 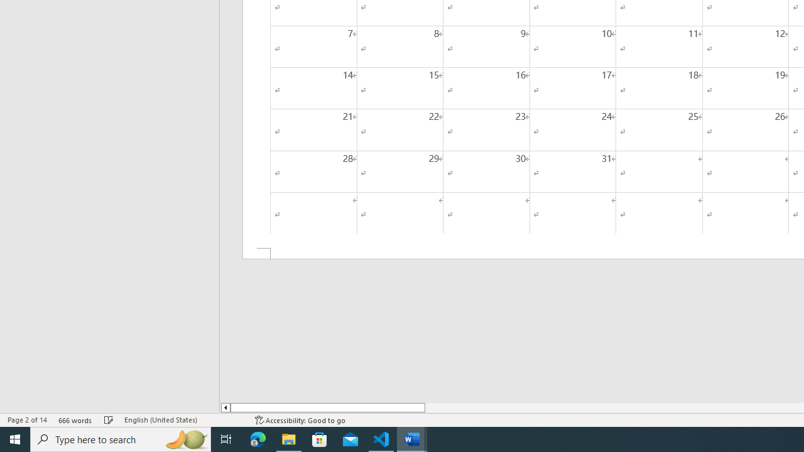 What do you see at coordinates (300, 420) in the screenshot?
I see `'Accessibility Checker Accessibility: Good to go'` at bounding box center [300, 420].